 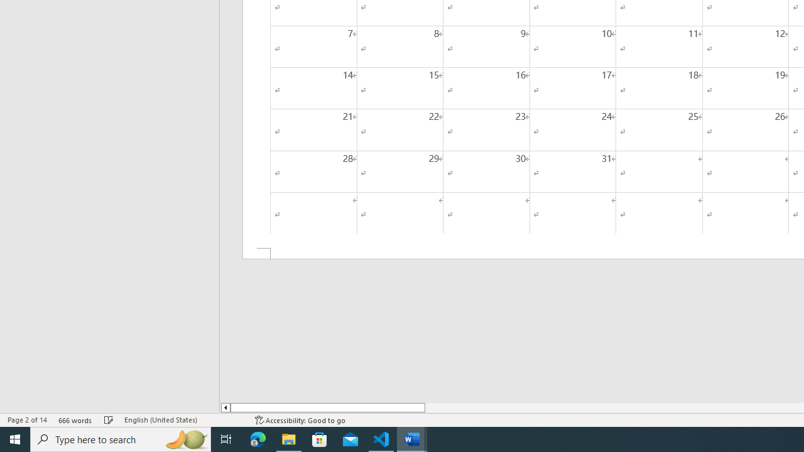 What do you see at coordinates (300, 420) in the screenshot?
I see `'Accessibility Checker Accessibility: Good to go'` at bounding box center [300, 420].